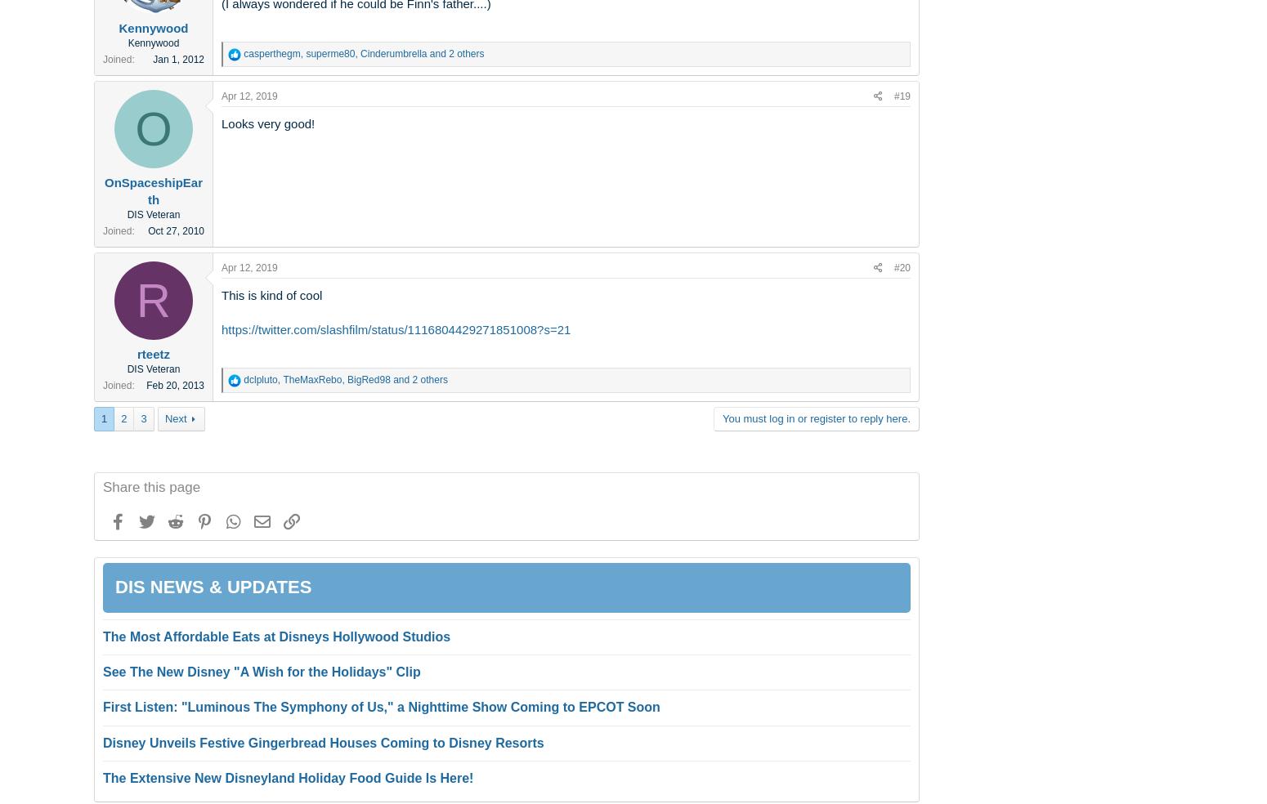 The height and width of the screenshot is (804, 1267). What do you see at coordinates (266, 123) in the screenshot?
I see `'Looks very good!'` at bounding box center [266, 123].